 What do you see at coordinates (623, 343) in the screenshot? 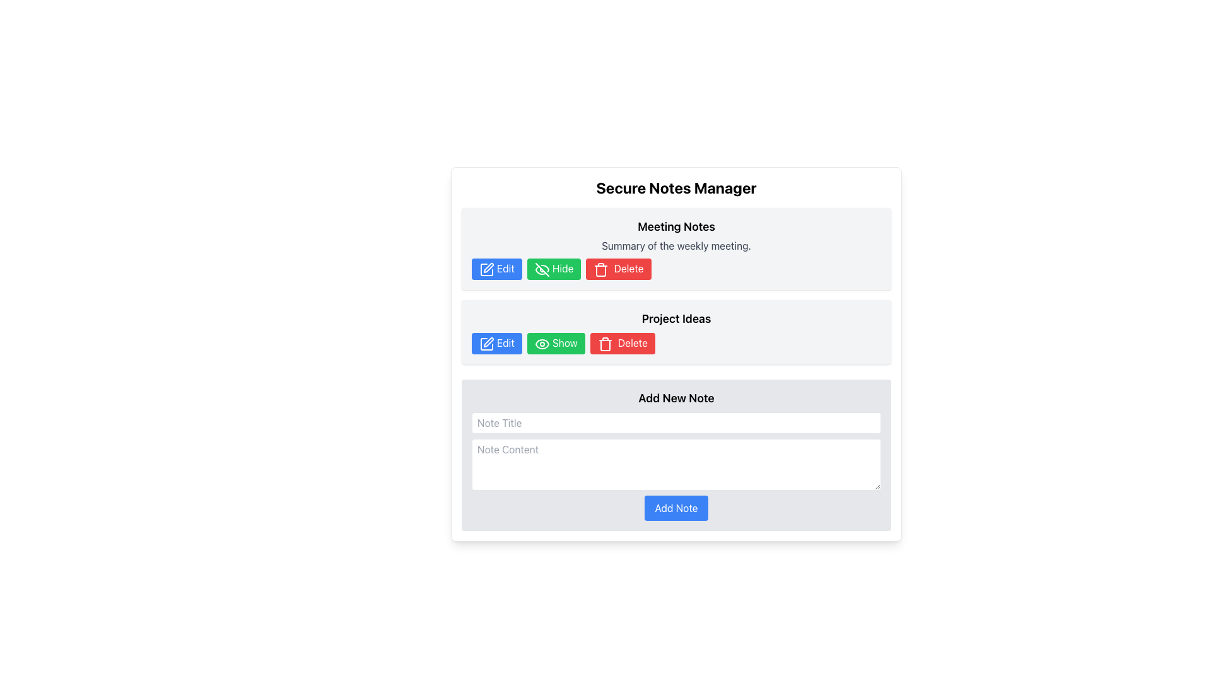
I see `the red 'Delete' button with a white trash can icon` at bounding box center [623, 343].